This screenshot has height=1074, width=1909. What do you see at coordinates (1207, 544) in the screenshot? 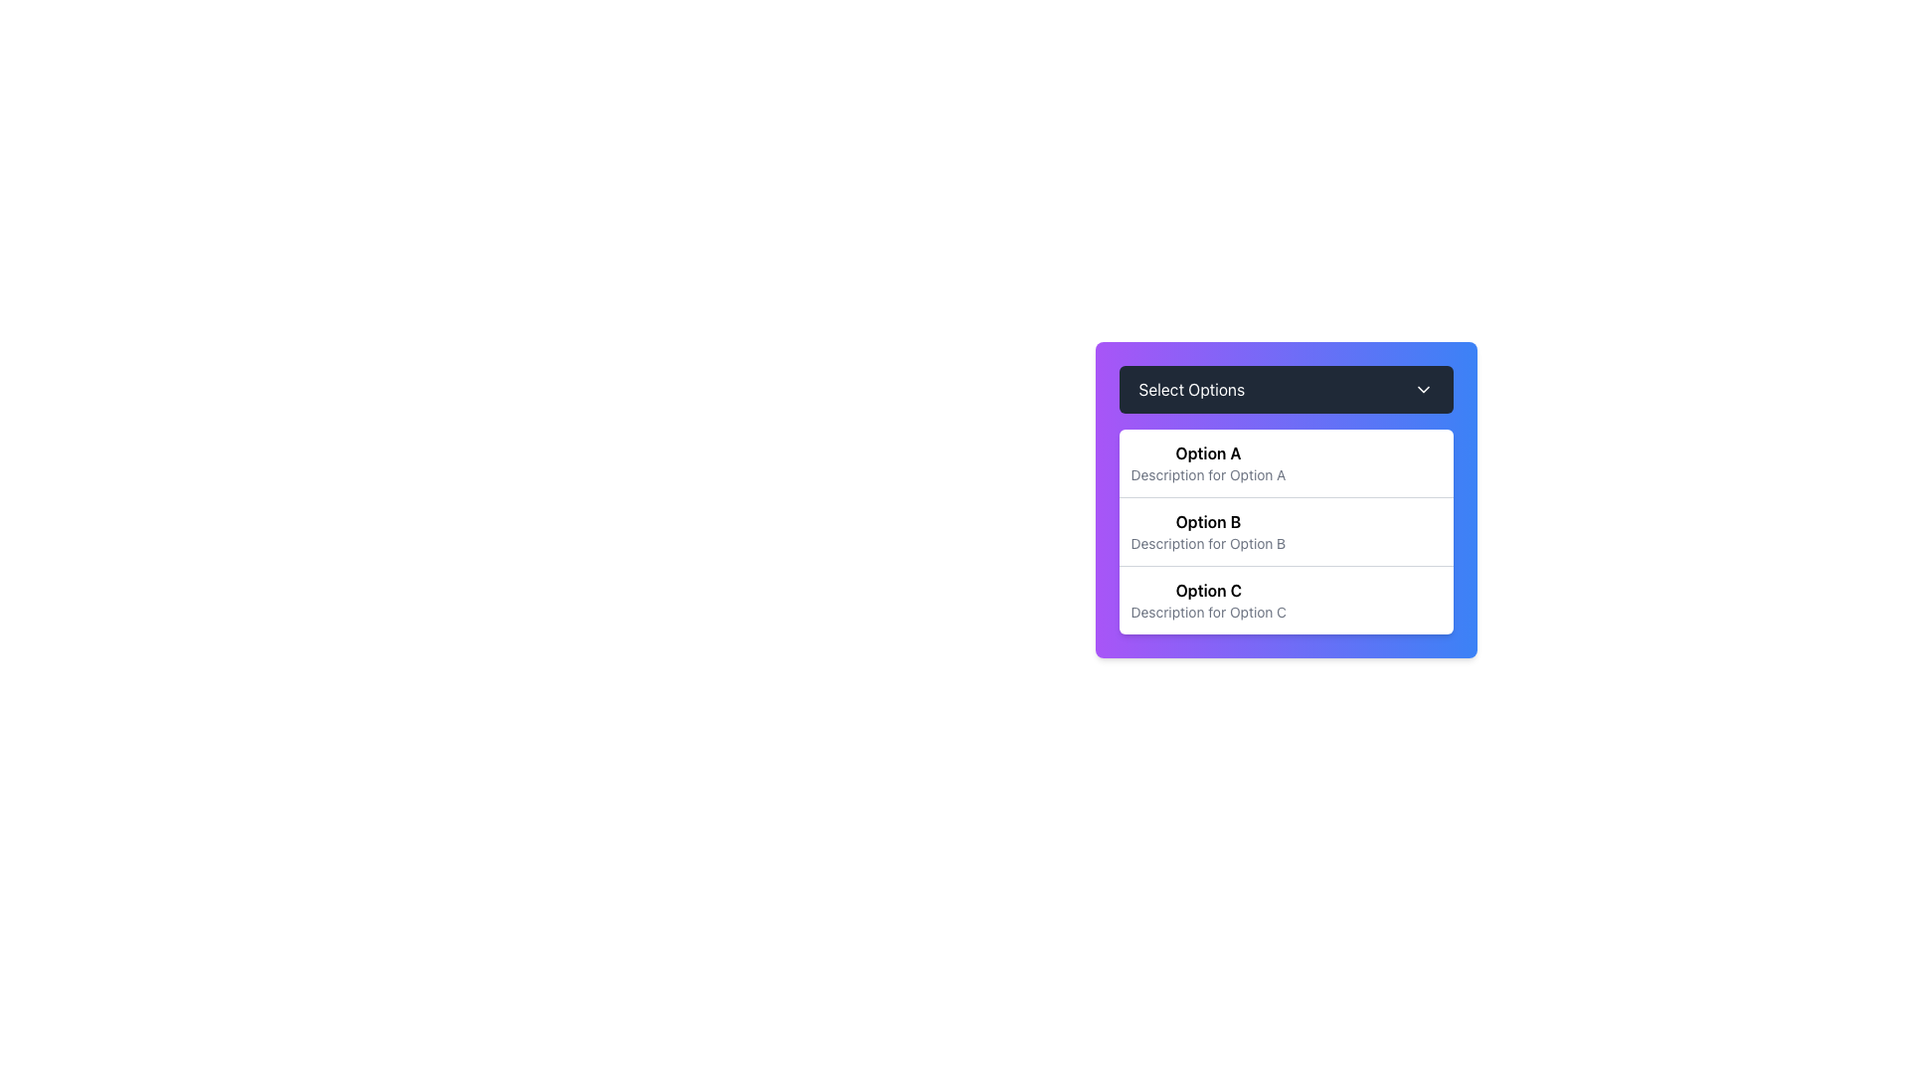
I see `the text label displaying 'Description for Option B' in the dropdown menu` at bounding box center [1207, 544].